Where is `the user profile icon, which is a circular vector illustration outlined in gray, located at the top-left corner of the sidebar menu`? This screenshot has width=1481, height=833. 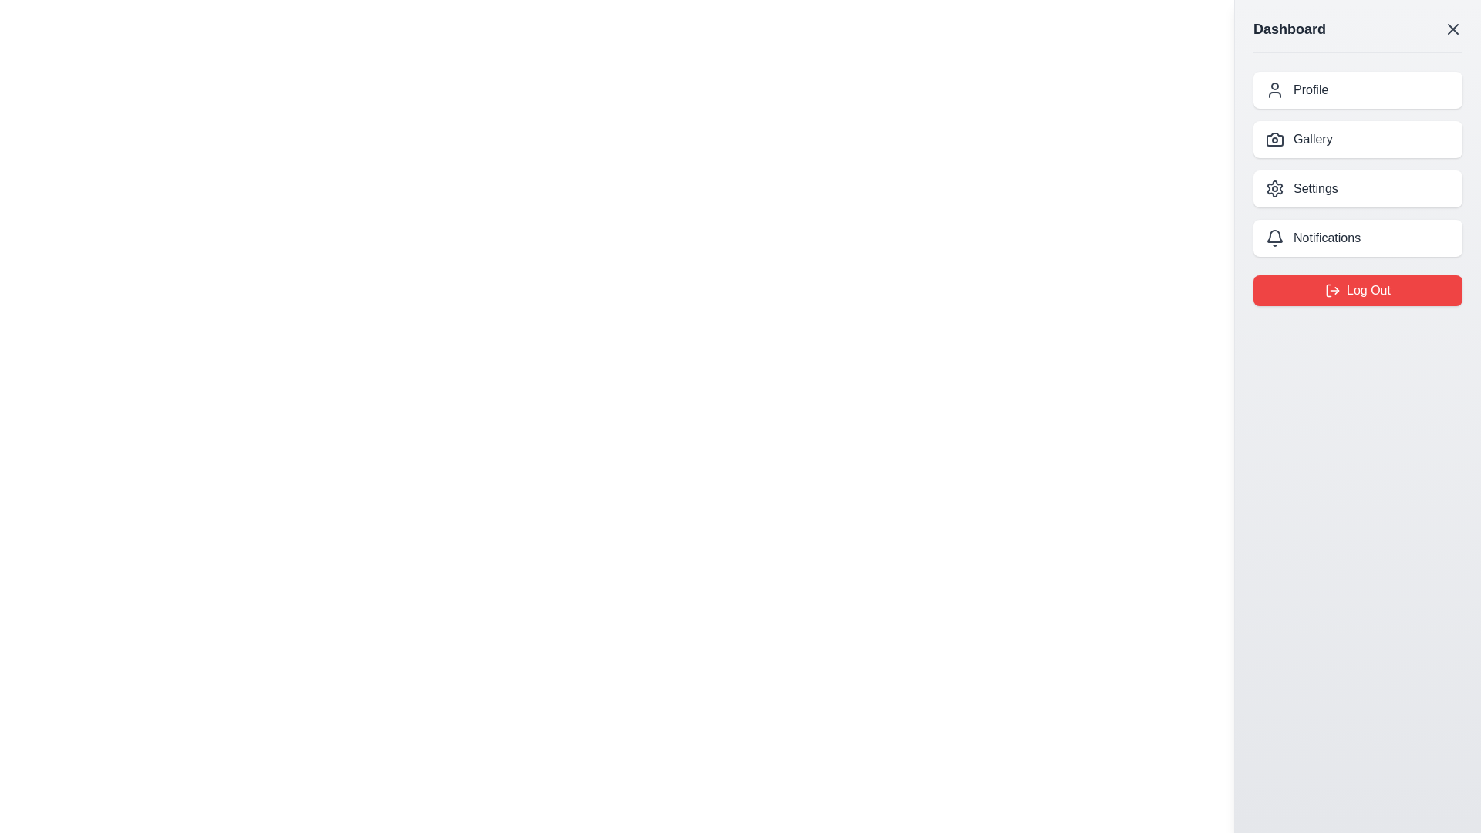 the user profile icon, which is a circular vector illustration outlined in gray, located at the top-left corner of the sidebar menu is located at coordinates (1274, 89).